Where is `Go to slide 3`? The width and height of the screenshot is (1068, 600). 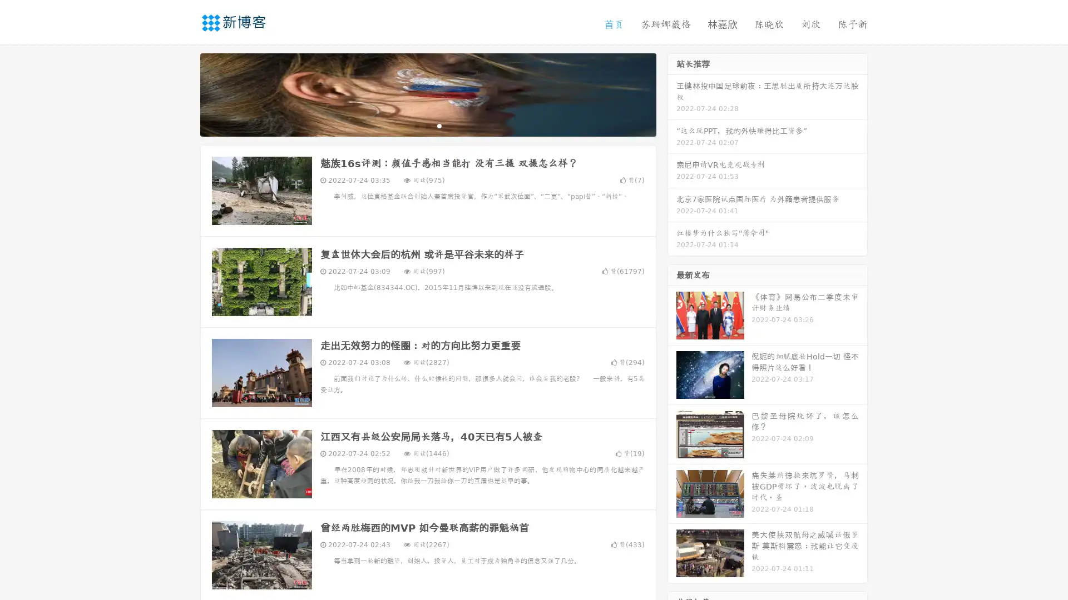
Go to slide 3 is located at coordinates (439, 125).